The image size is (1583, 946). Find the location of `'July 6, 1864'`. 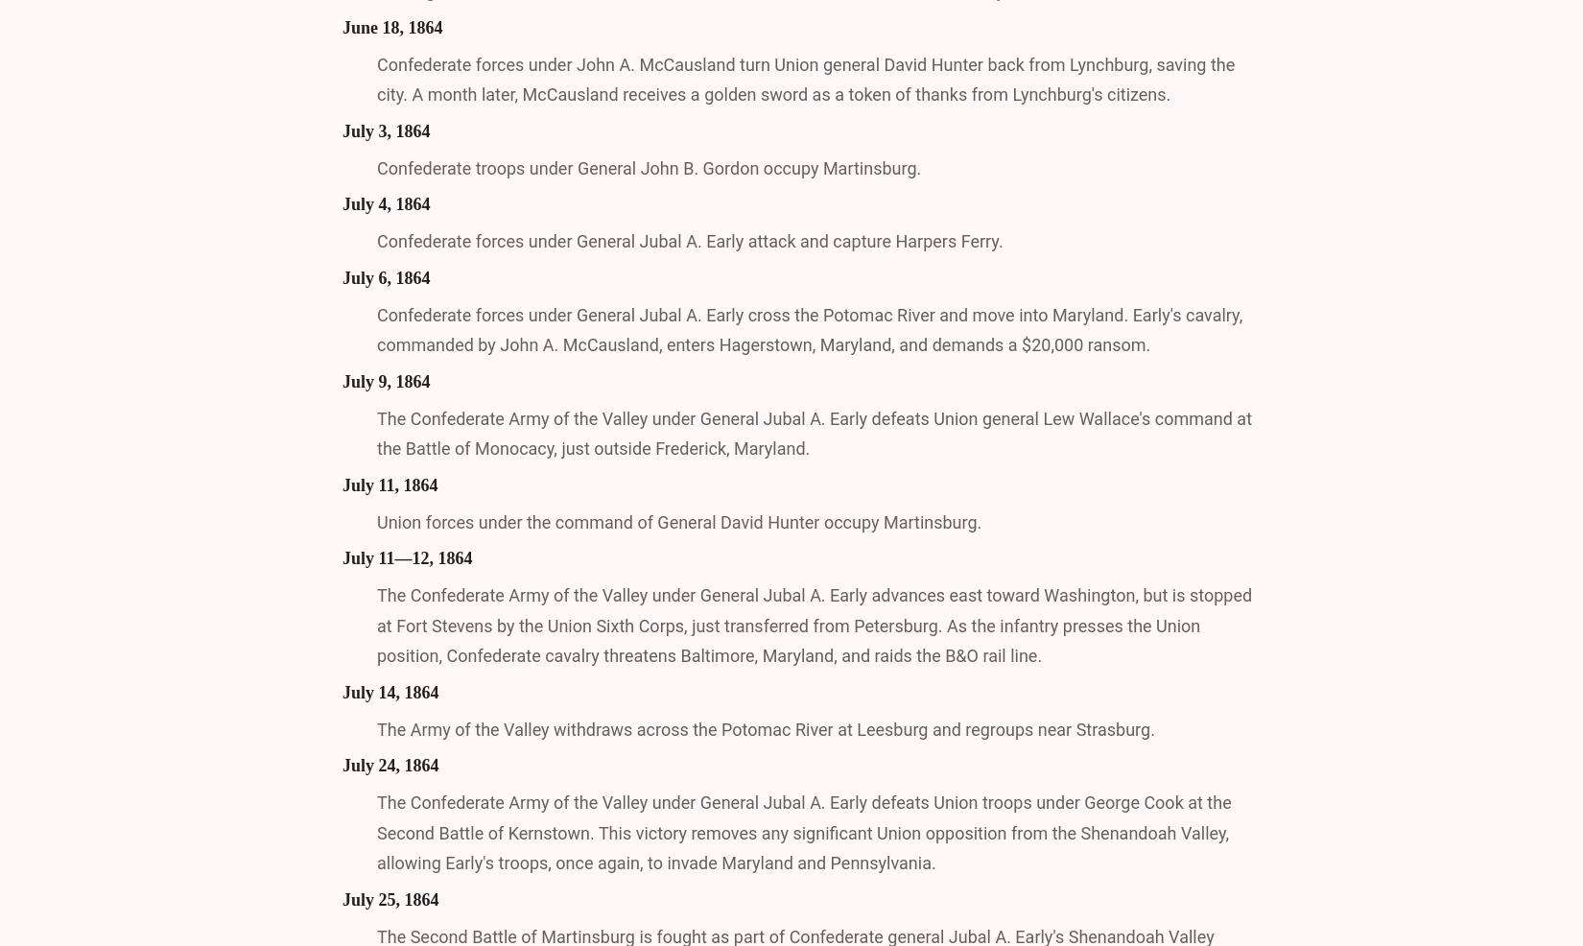

'July 6, 1864' is located at coordinates (386, 276).